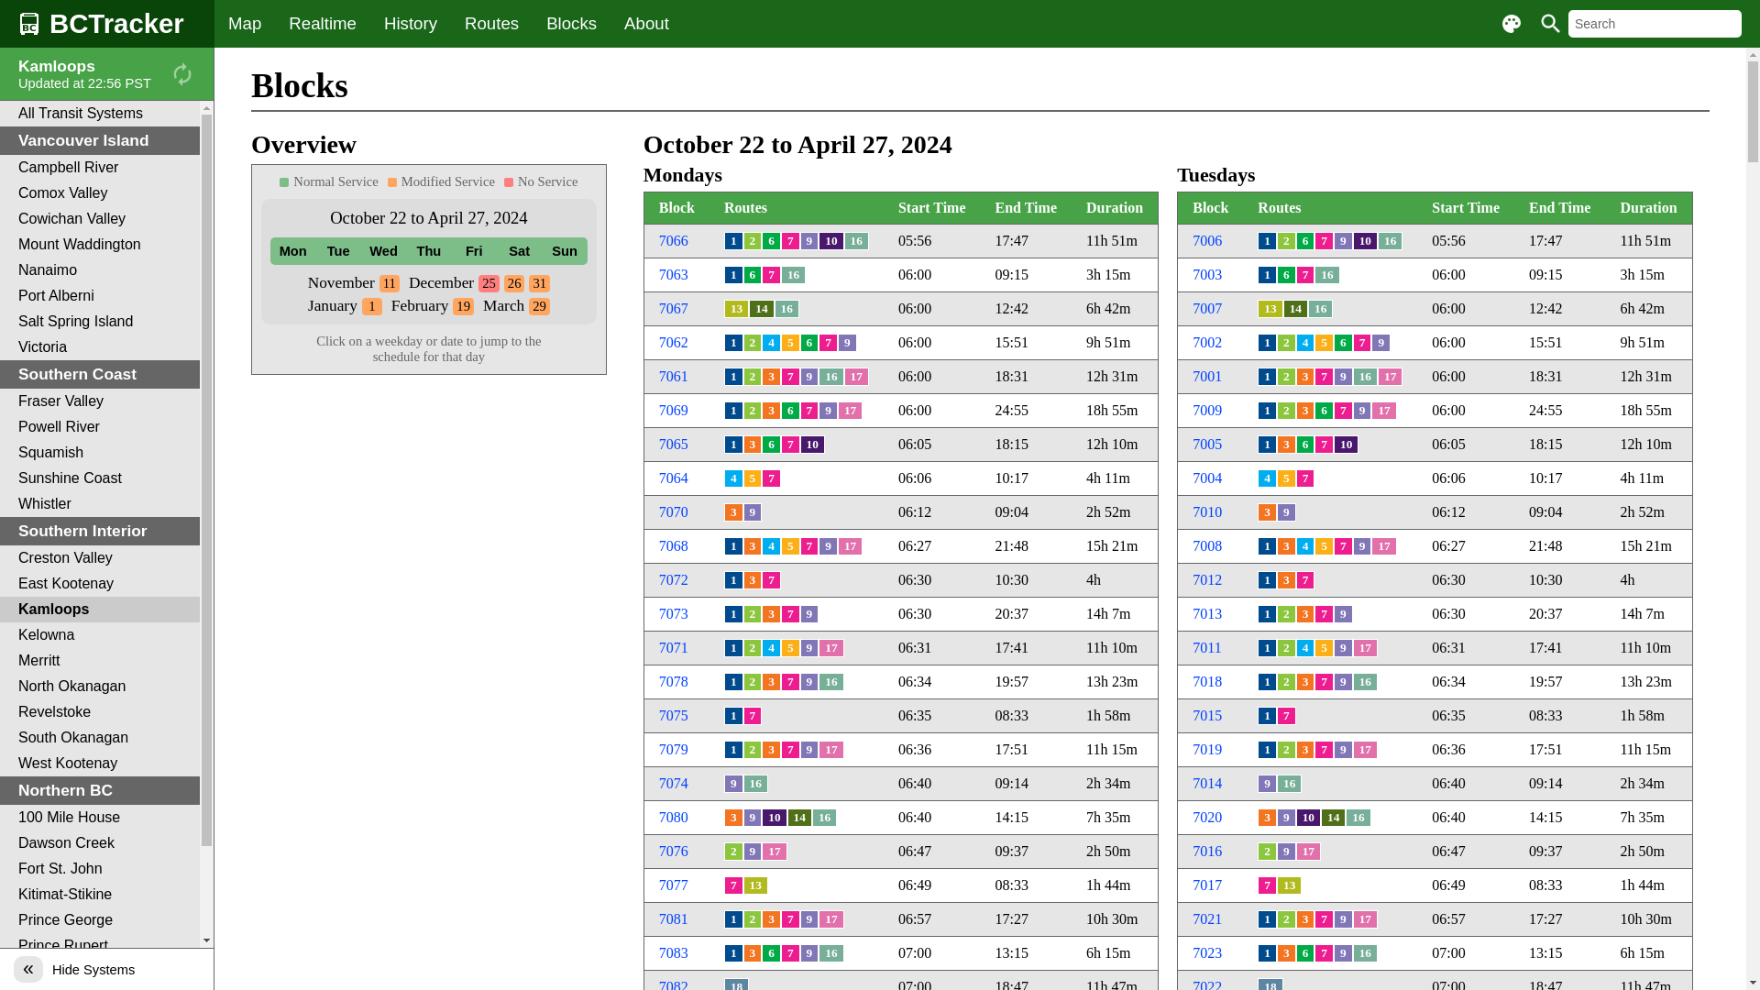 The height and width of the screenshot is (990, 1760). I want to click on '7066', so click(672, 239).